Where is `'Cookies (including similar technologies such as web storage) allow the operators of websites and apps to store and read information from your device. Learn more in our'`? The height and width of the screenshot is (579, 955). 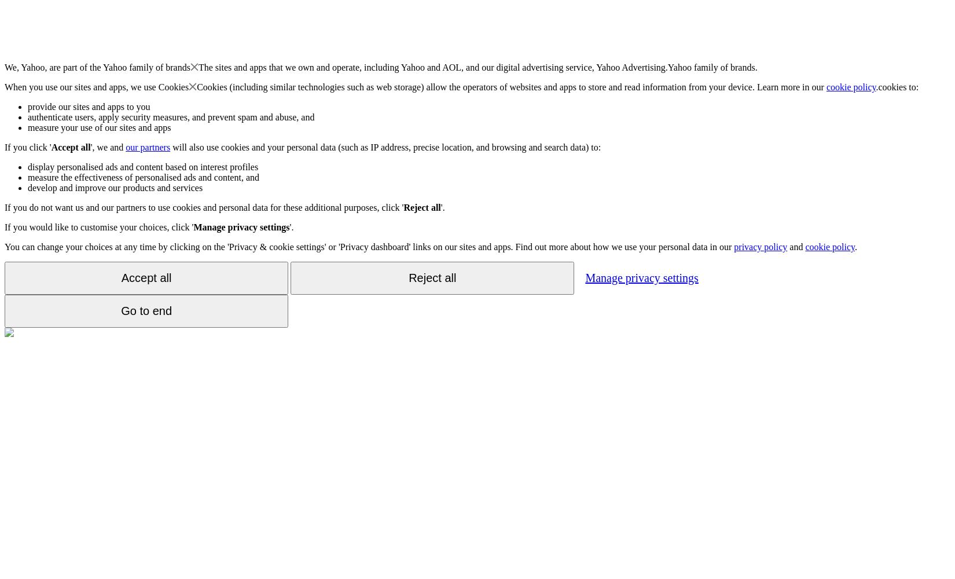
'Cookies (including similar technologies such as web storage) allow the operators of websites and apps to store and read information from your device. Learn more in our' is located at coordinates (511, 87).